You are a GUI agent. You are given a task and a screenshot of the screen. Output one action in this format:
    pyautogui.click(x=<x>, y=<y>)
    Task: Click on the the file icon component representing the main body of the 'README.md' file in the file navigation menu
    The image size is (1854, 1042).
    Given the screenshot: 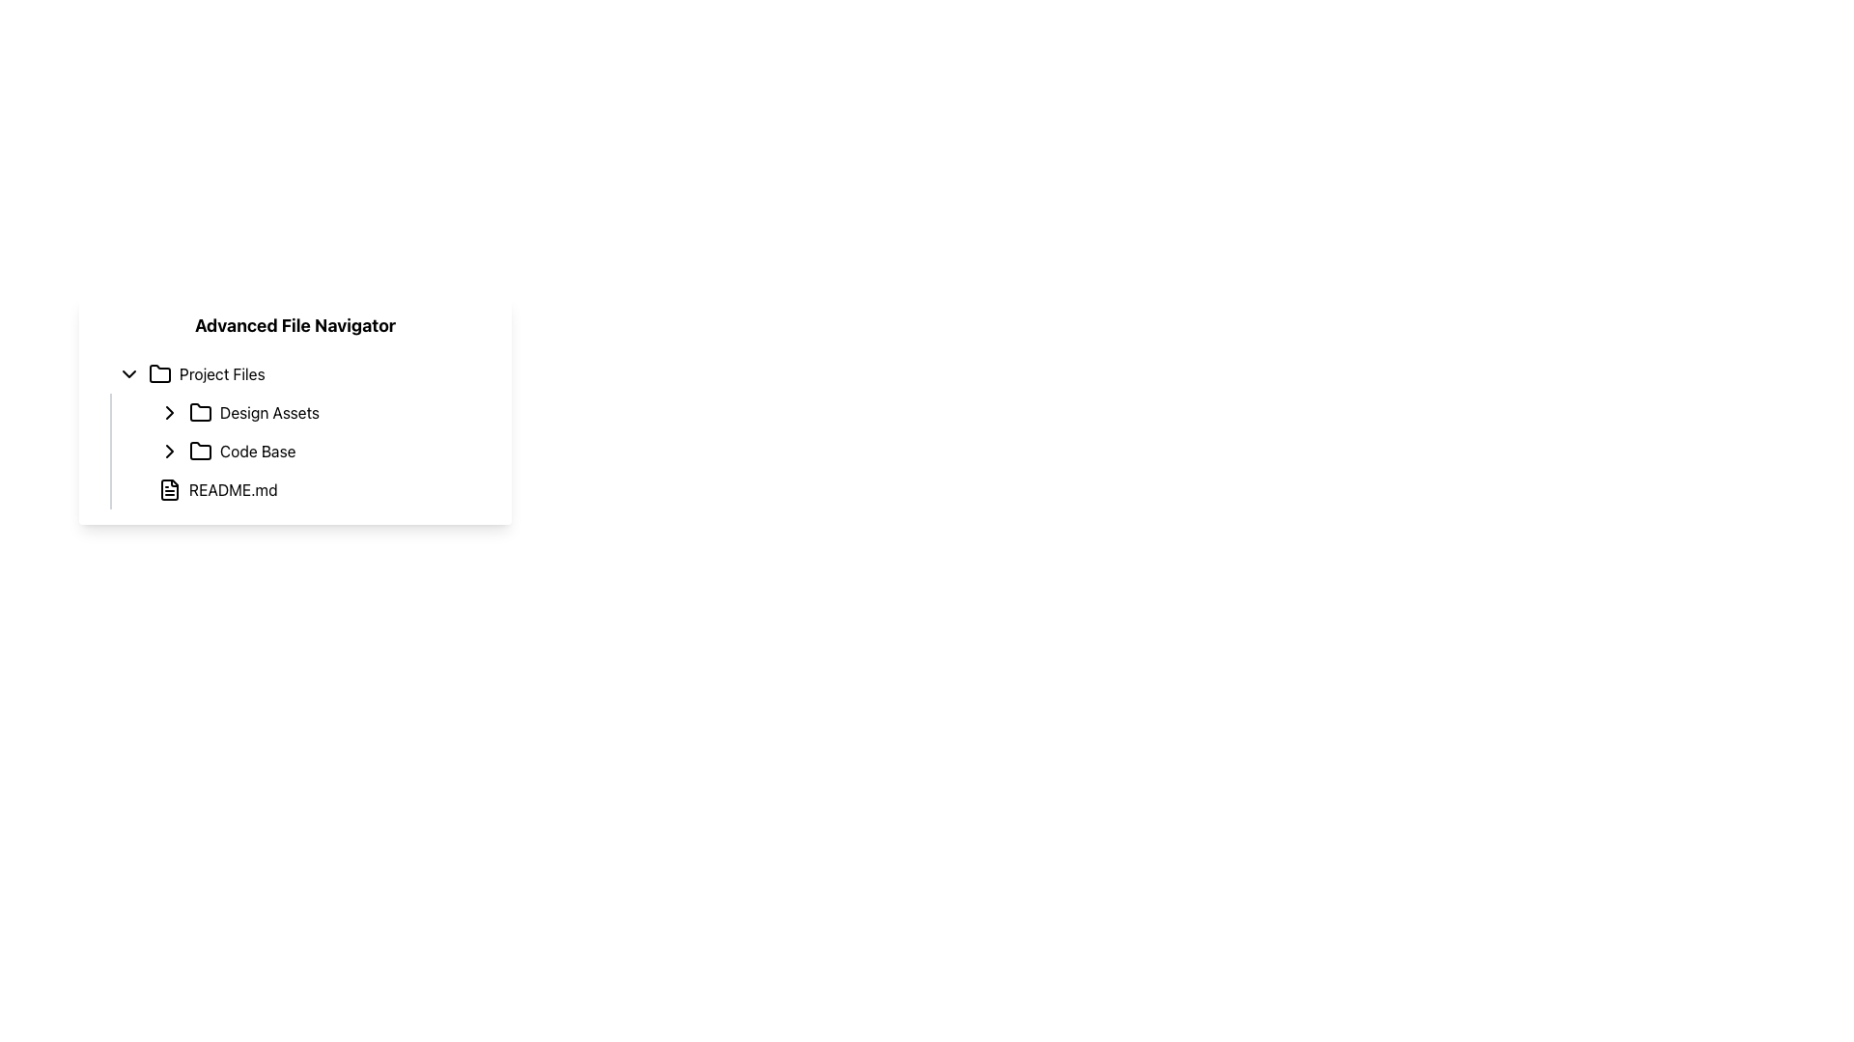 What is the action you would take?
    pyautogui.click(x=170, y=489)
    